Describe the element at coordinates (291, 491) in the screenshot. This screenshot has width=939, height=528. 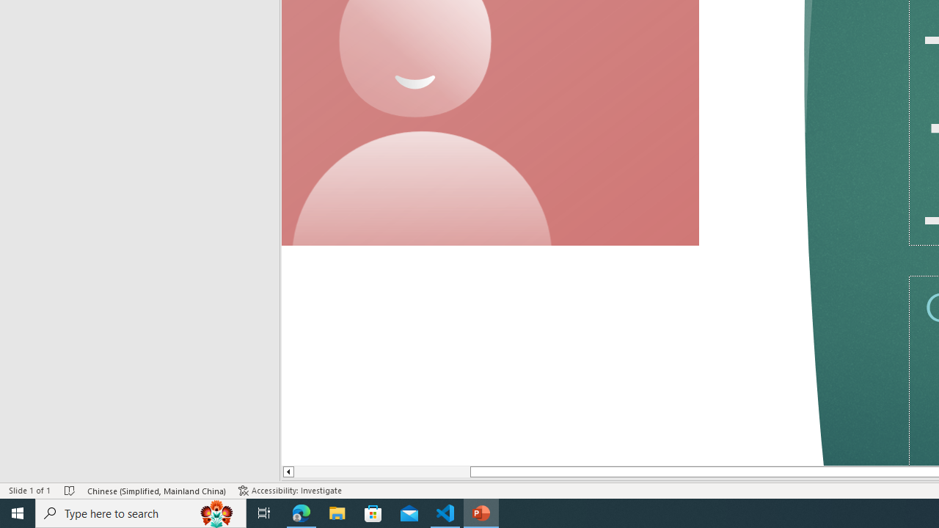
I see `'Accessibility Checker Accessibility: Investigate'` at that location.